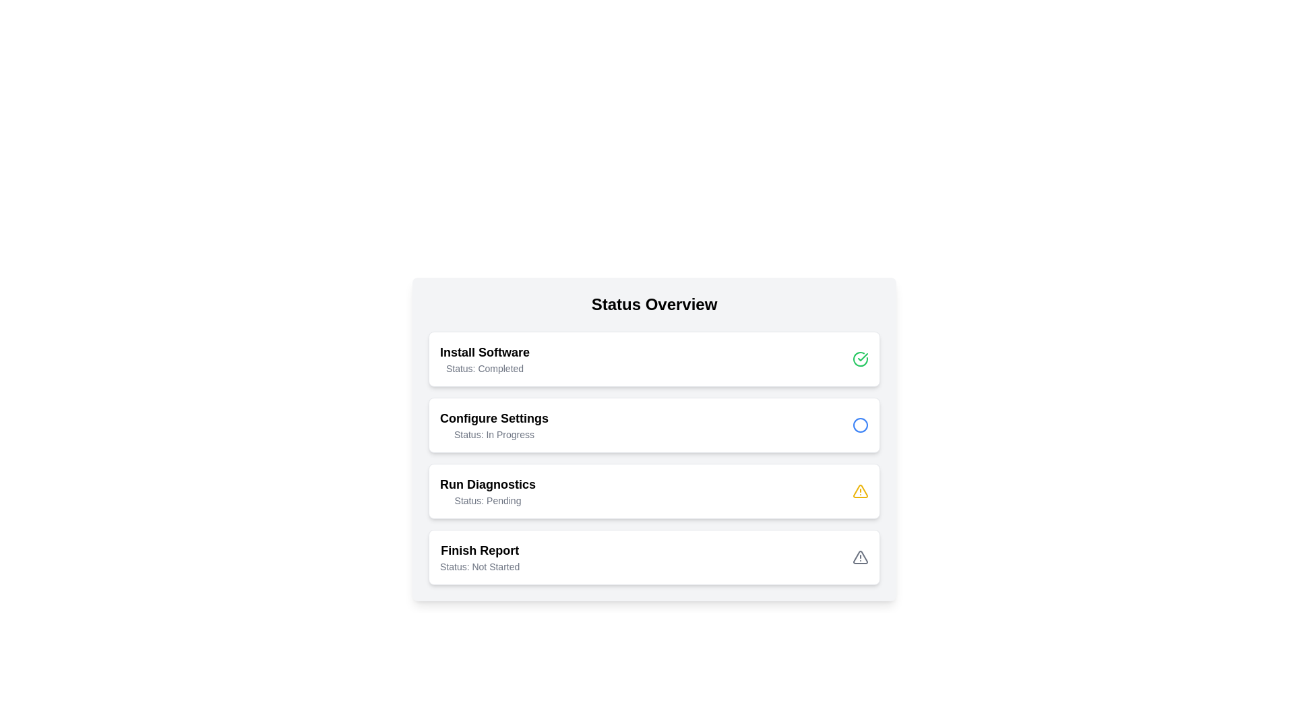 The image size is (1294, 728). What do you see at coordinates (487, 501) in the screenshot?
I see `the text display element that shows 'Status: Pending', located below the heading 'Run Diagnostics'` at bounding box center [487, 501].